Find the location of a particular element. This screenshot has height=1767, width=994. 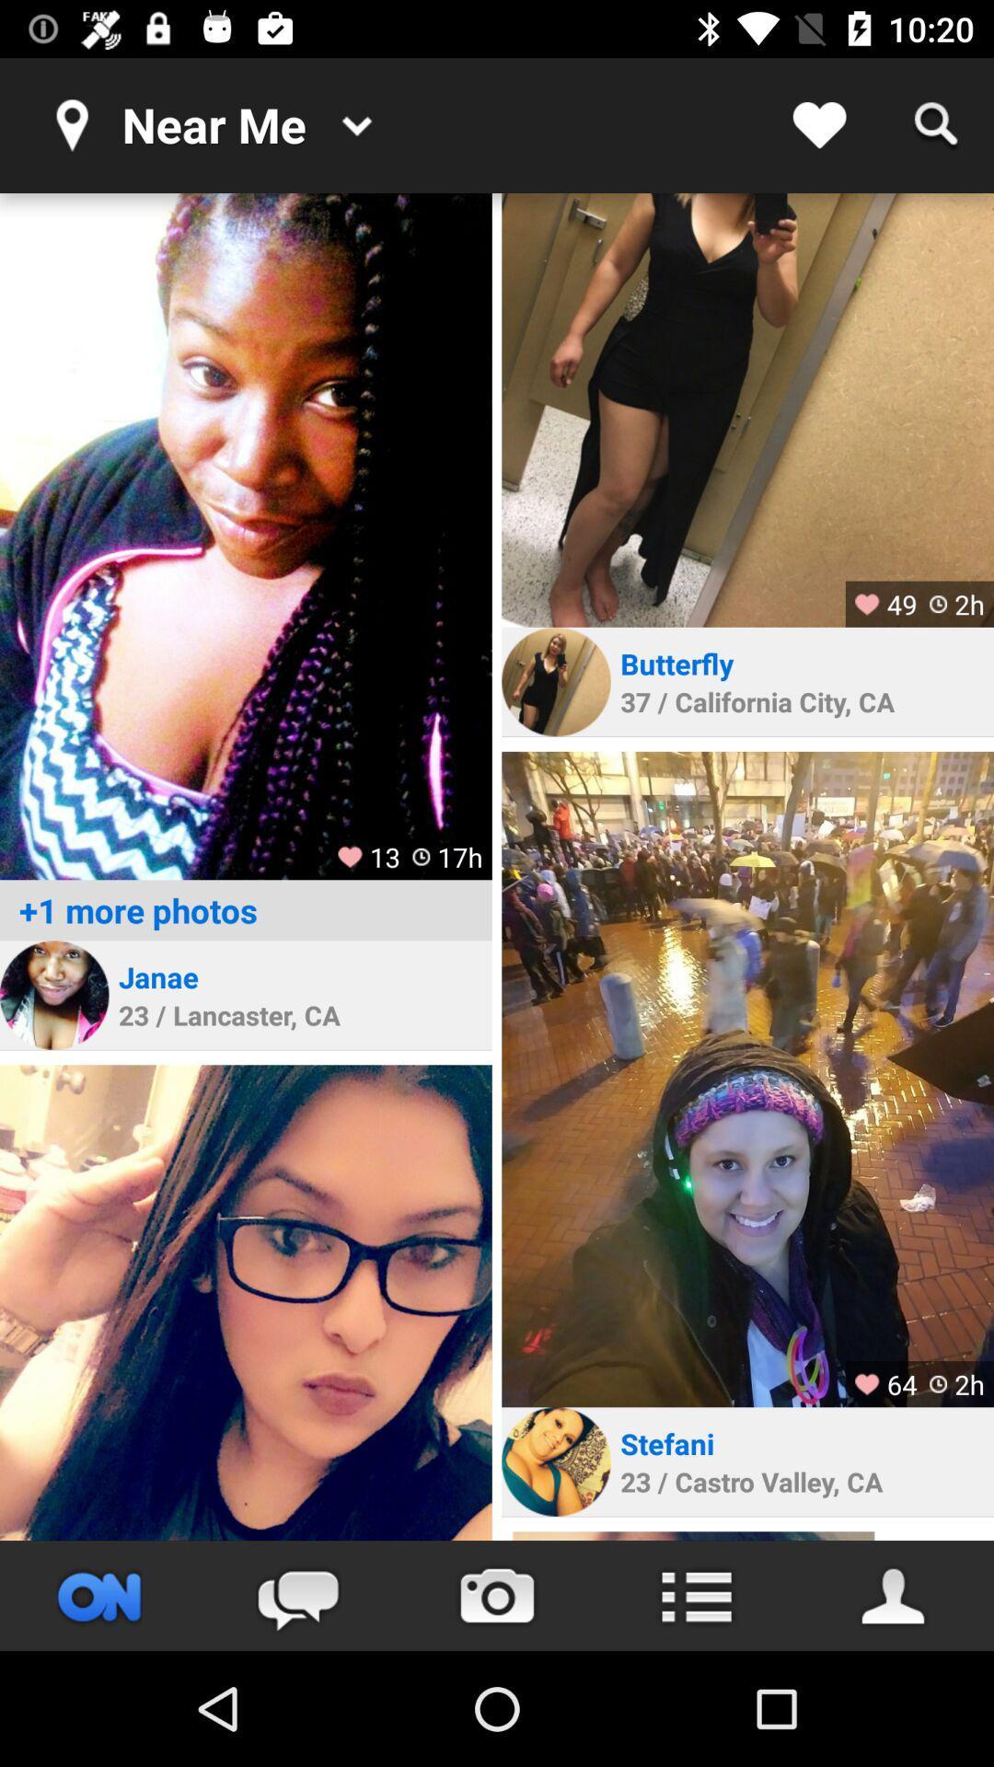

the avatar icon is located at coordinates (894, 1595).